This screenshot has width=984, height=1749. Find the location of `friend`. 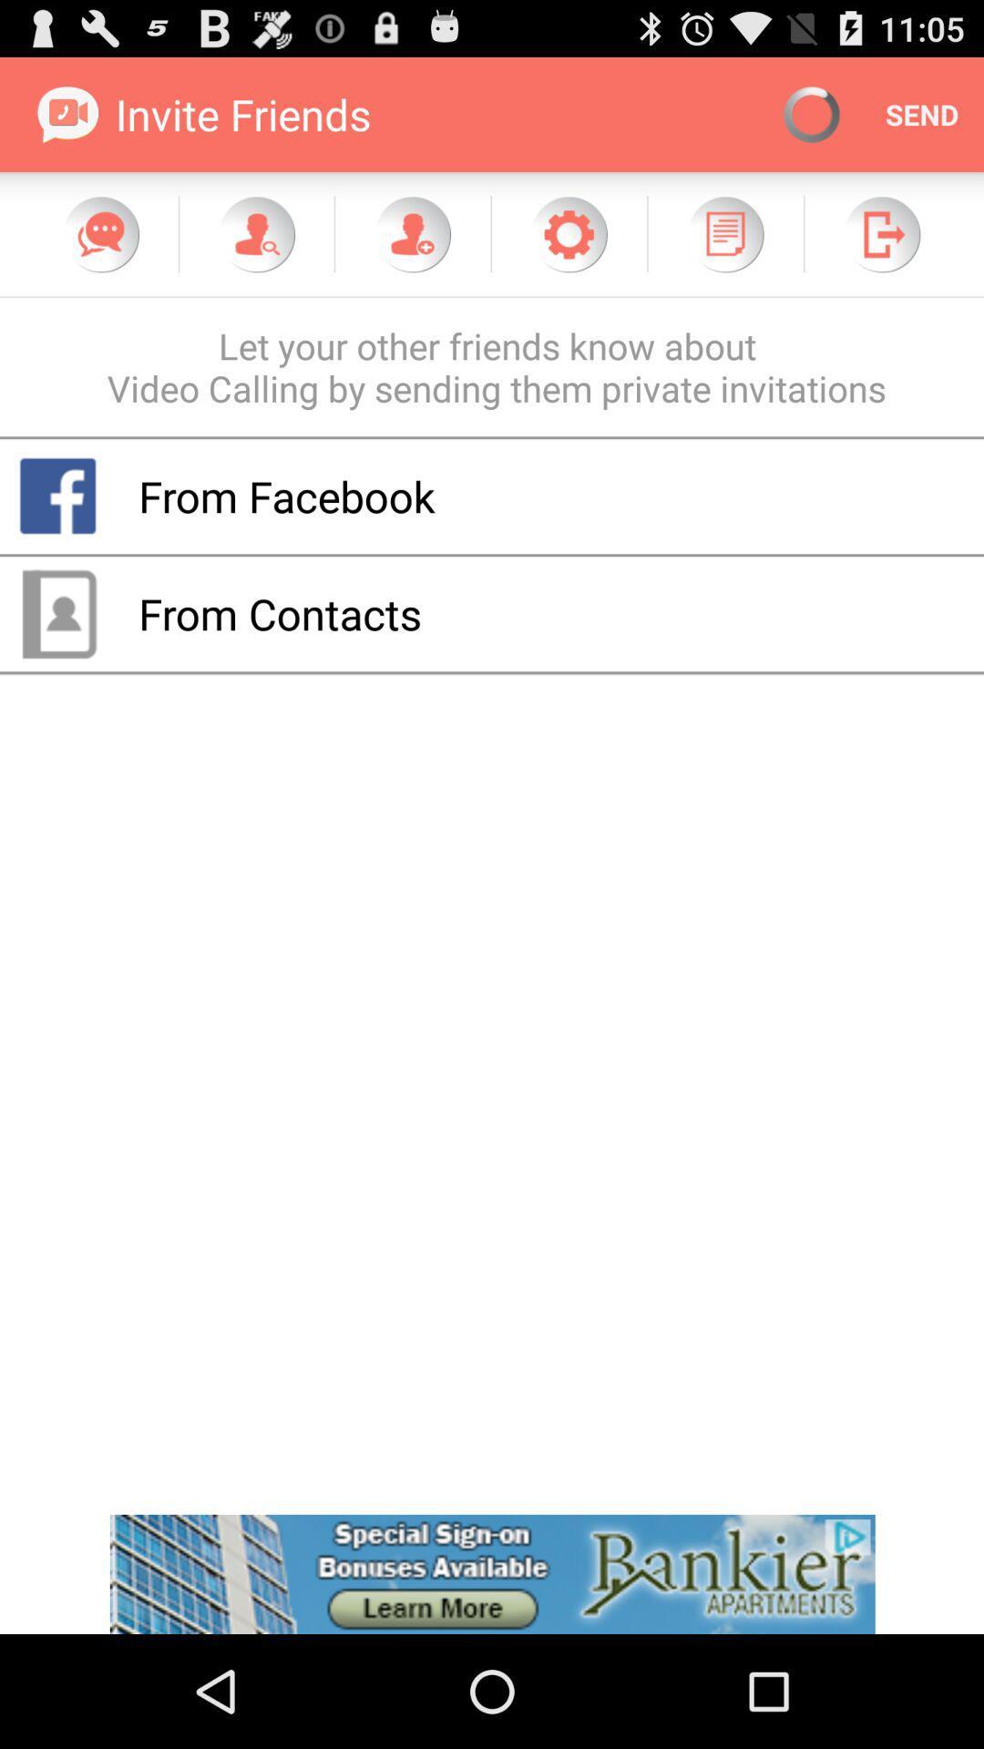

friend is located at coordinates (412, 233).